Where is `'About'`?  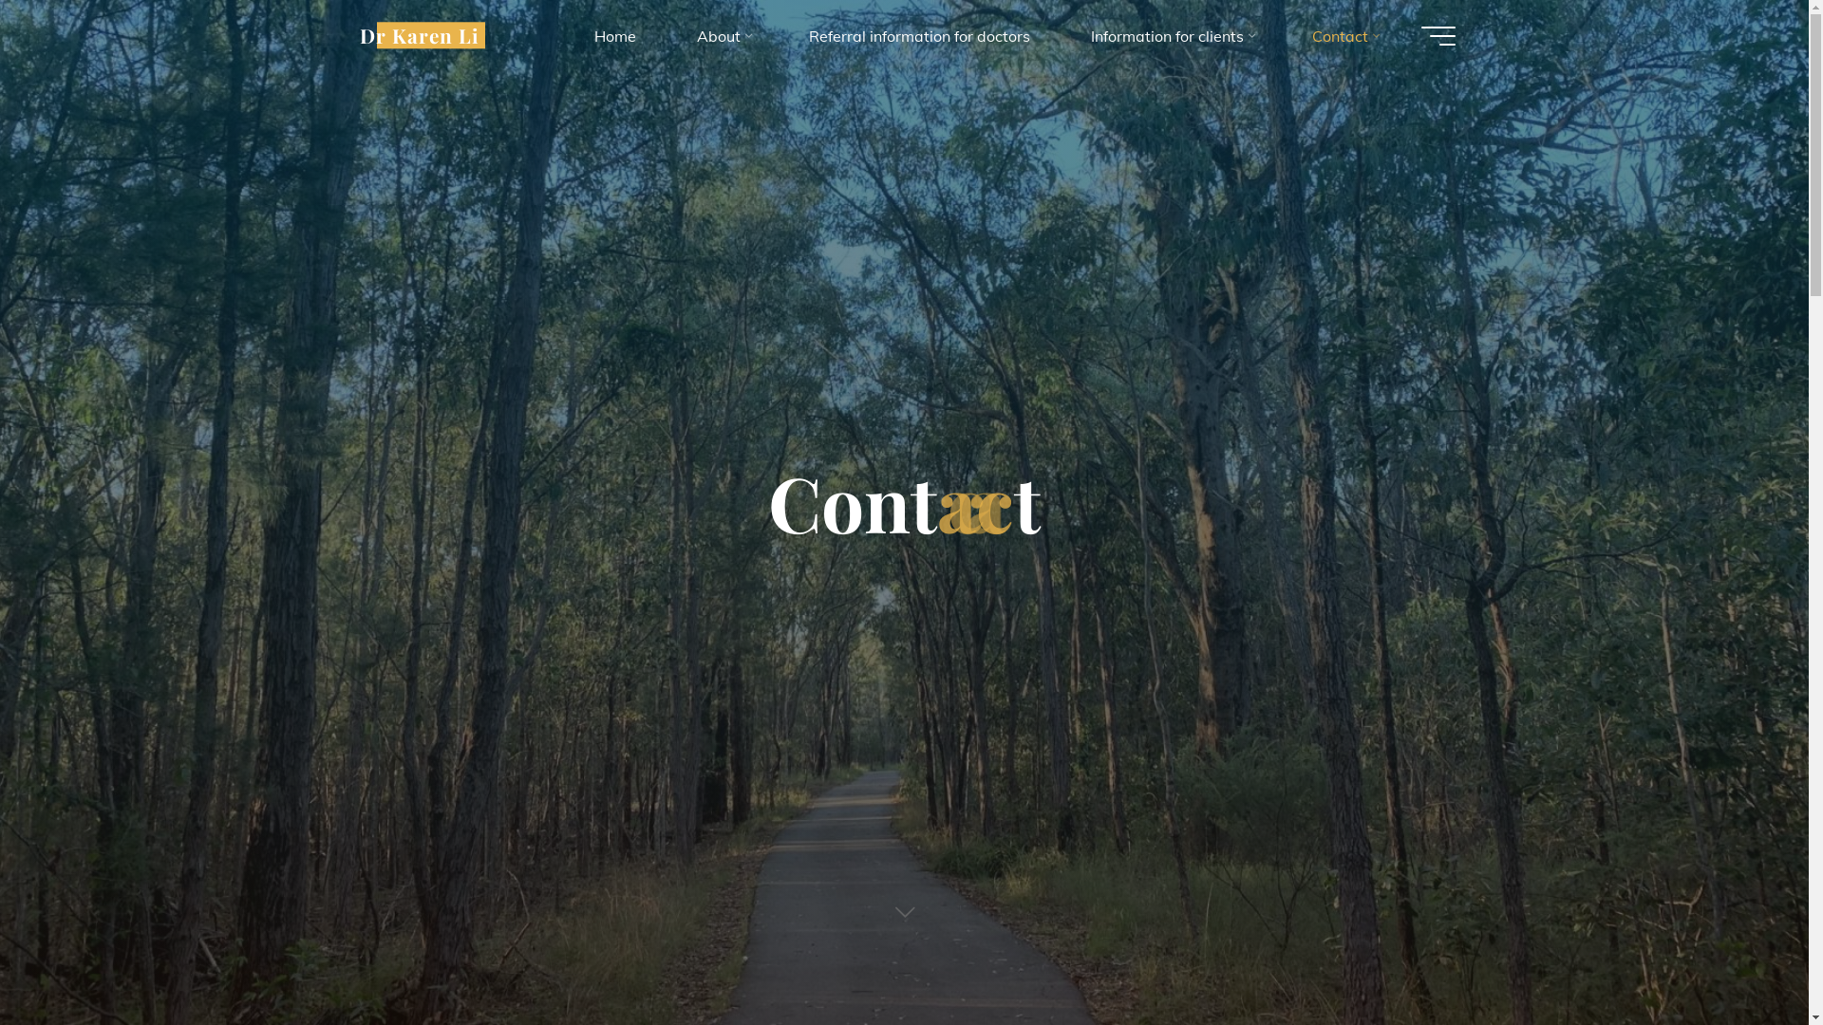
'About' is located at coordinates (722, 36).